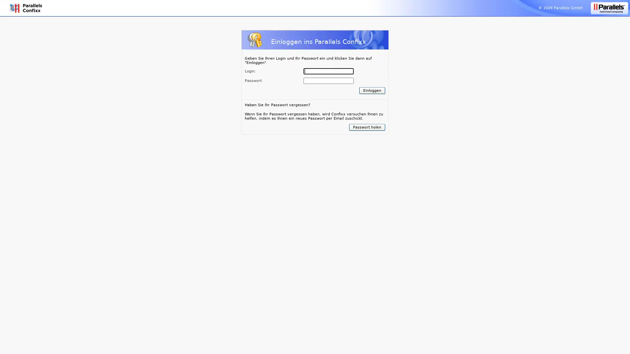  I want to click on Submit, so click(383, 127).